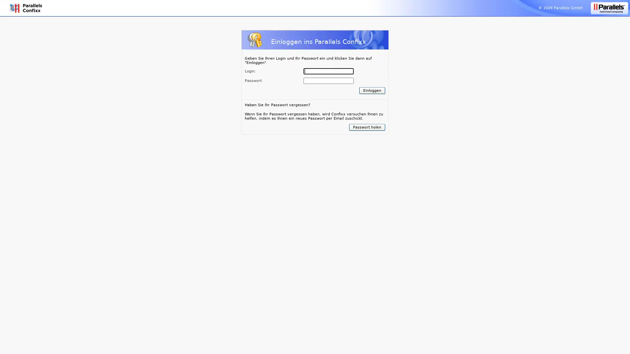  I want to click on Submit, so click(383, 127).